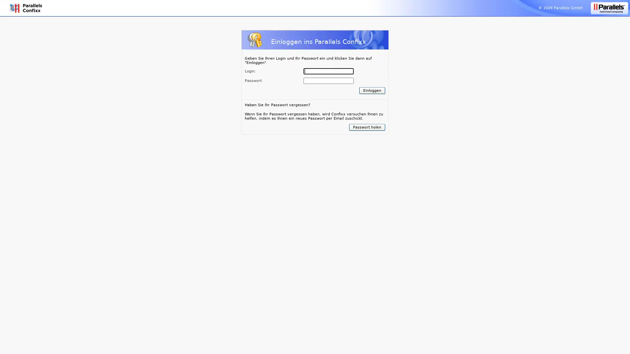  I want to click on Submit, so click(383, 127).